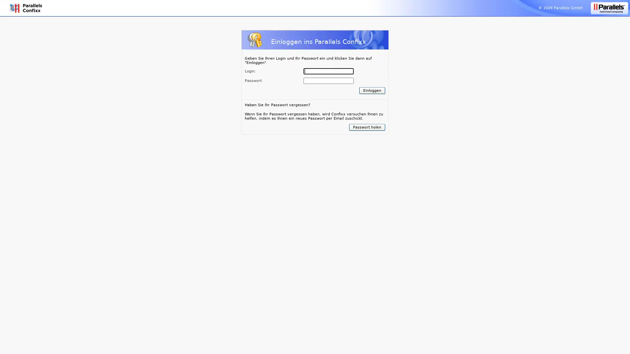  I want to click on Submit, so click(383, 127).